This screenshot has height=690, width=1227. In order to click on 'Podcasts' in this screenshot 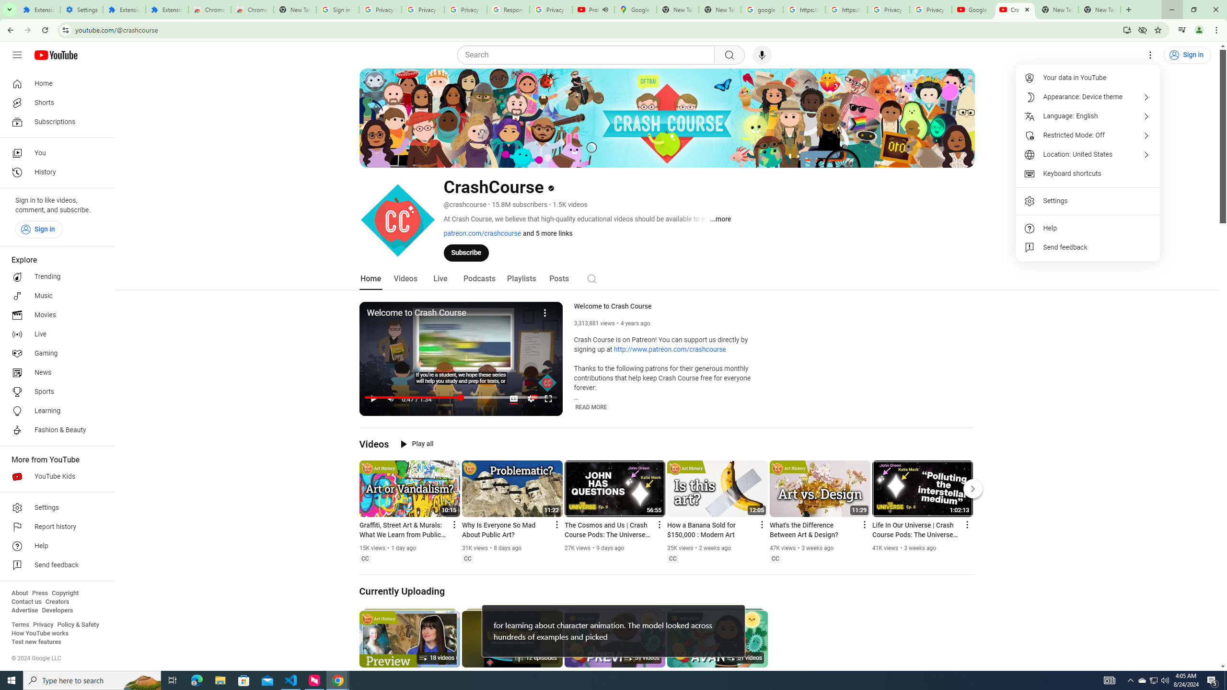, I will do `click(478, 278)`.